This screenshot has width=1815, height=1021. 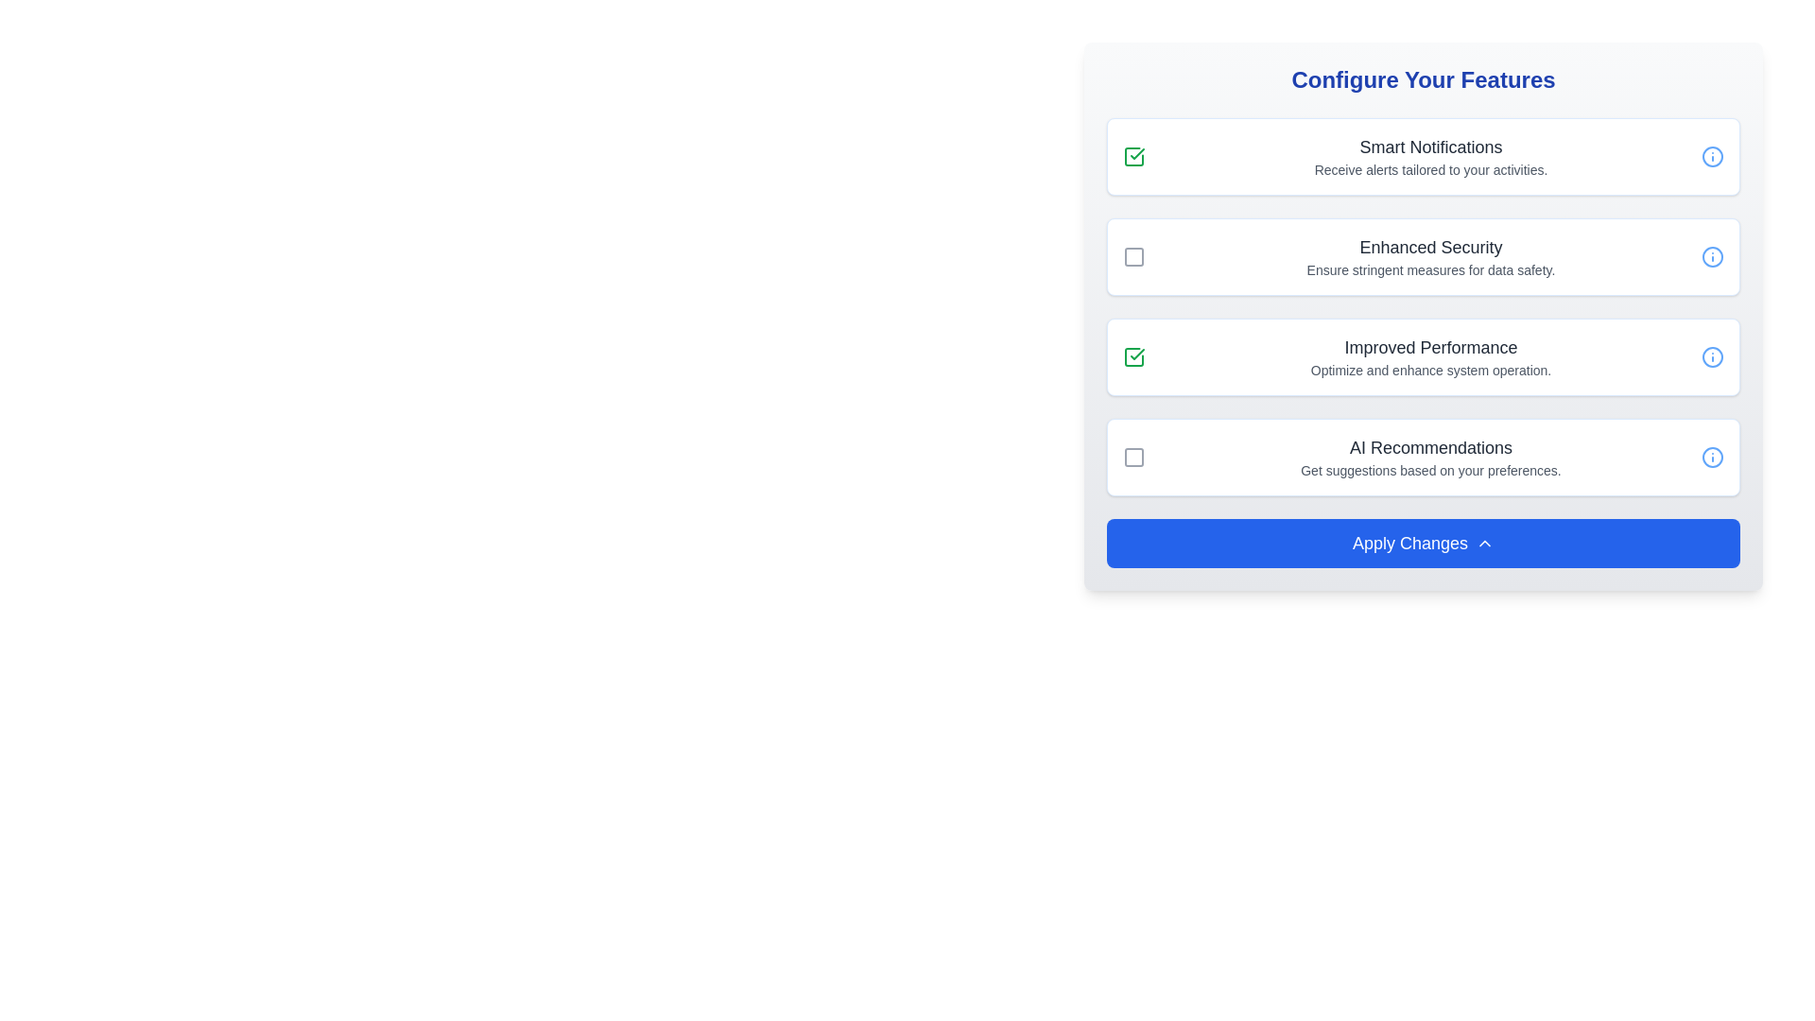 What do you see at coordinates (1424, 543) in the screenshot?
I see `the 'Apply Changes' button, which is a rectangular button with a blue background and white text, located at the bottom of the interface below the 'AI Recommendations' section` at bounding box center [1424, 543].